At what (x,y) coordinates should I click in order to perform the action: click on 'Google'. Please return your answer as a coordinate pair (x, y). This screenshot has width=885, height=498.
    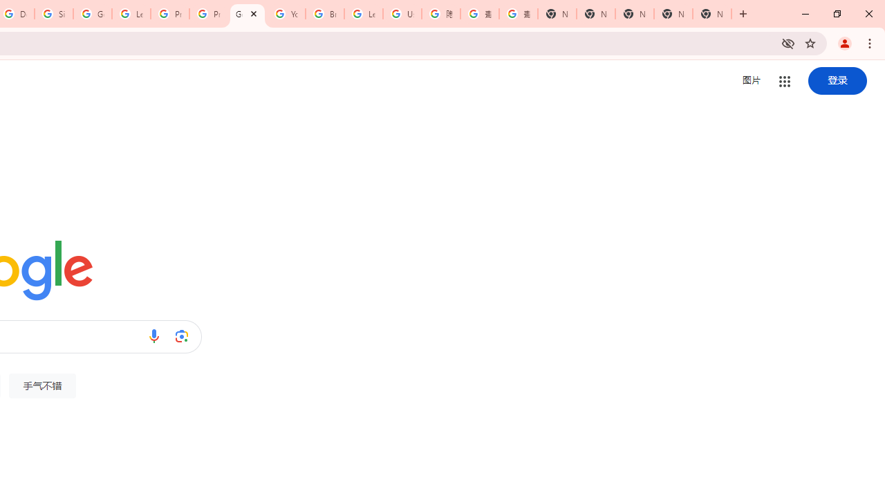
    Looking at the image, I should click on (248, 14).